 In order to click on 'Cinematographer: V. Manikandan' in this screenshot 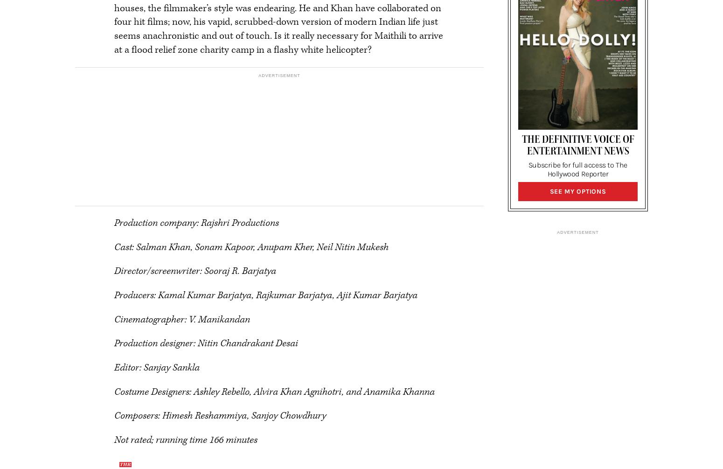, I will do `click(182, 319)`.